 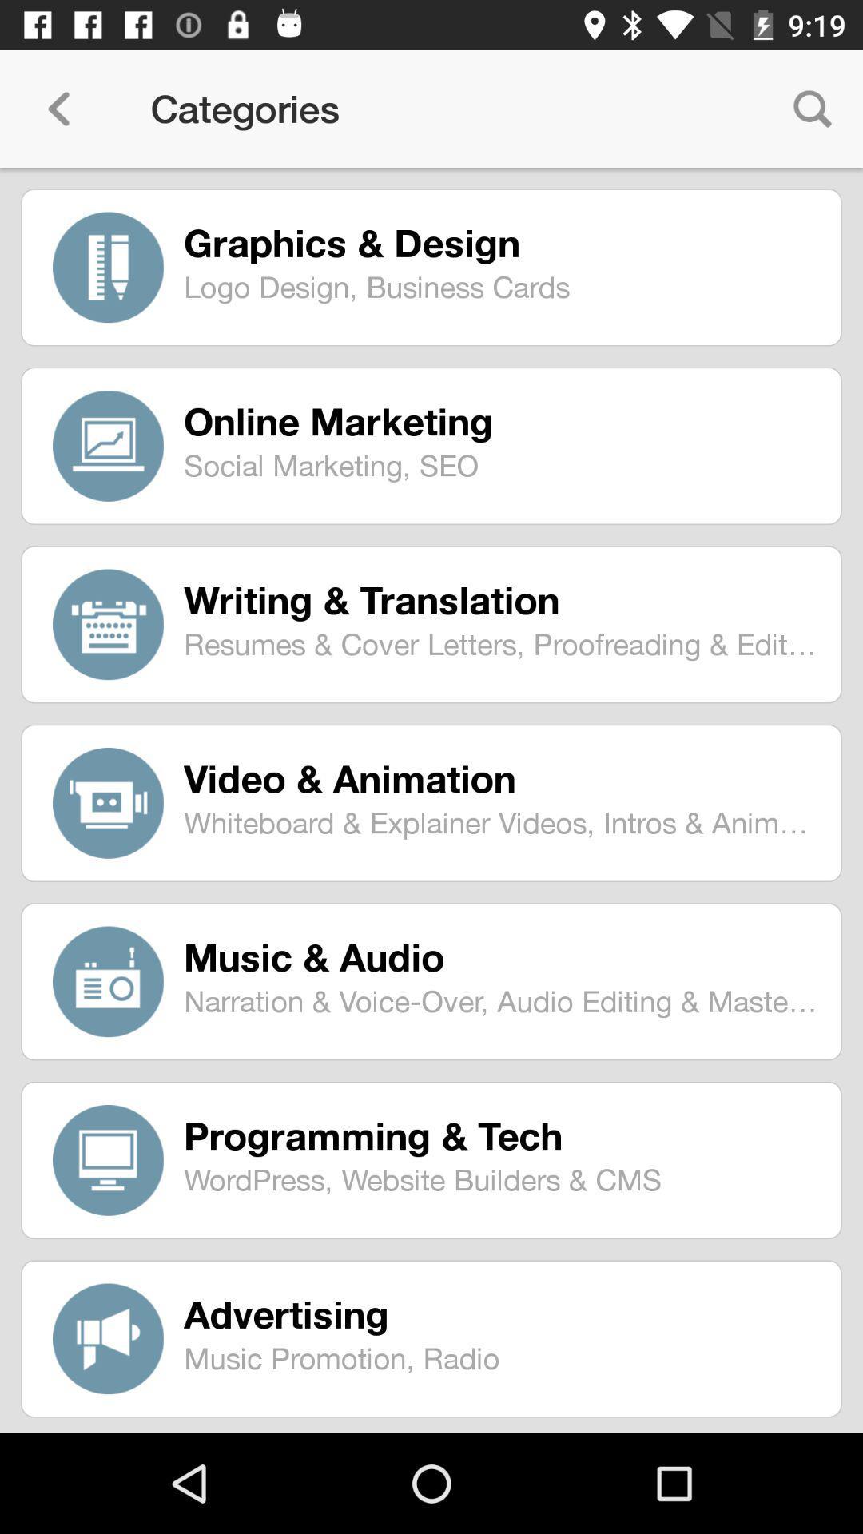 I want to click on the item to the left of the categories item, so click(x=58, y=108).